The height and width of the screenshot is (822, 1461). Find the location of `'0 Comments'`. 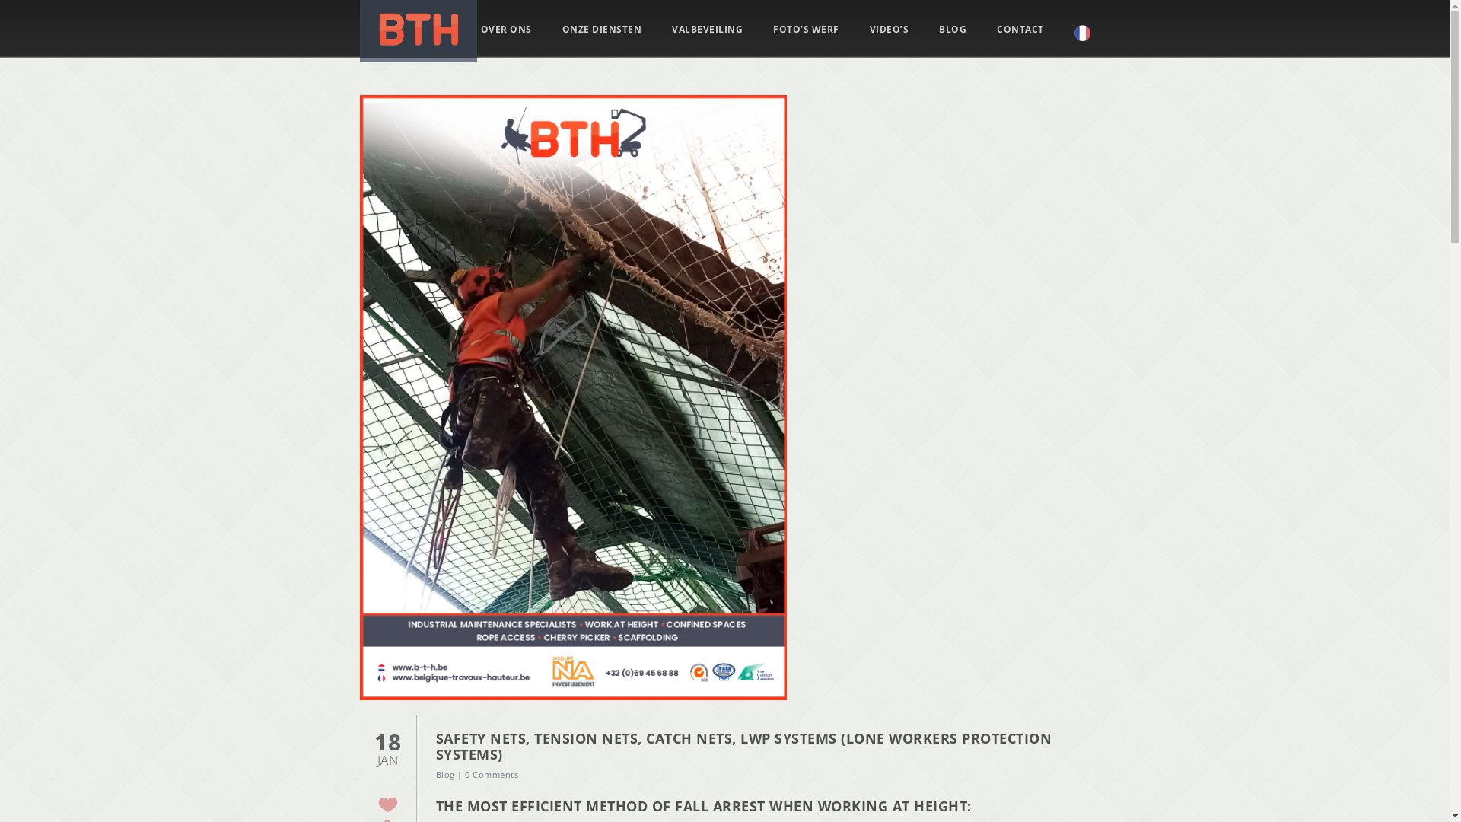

'0 Comments' is located at coordinates (492, 774).